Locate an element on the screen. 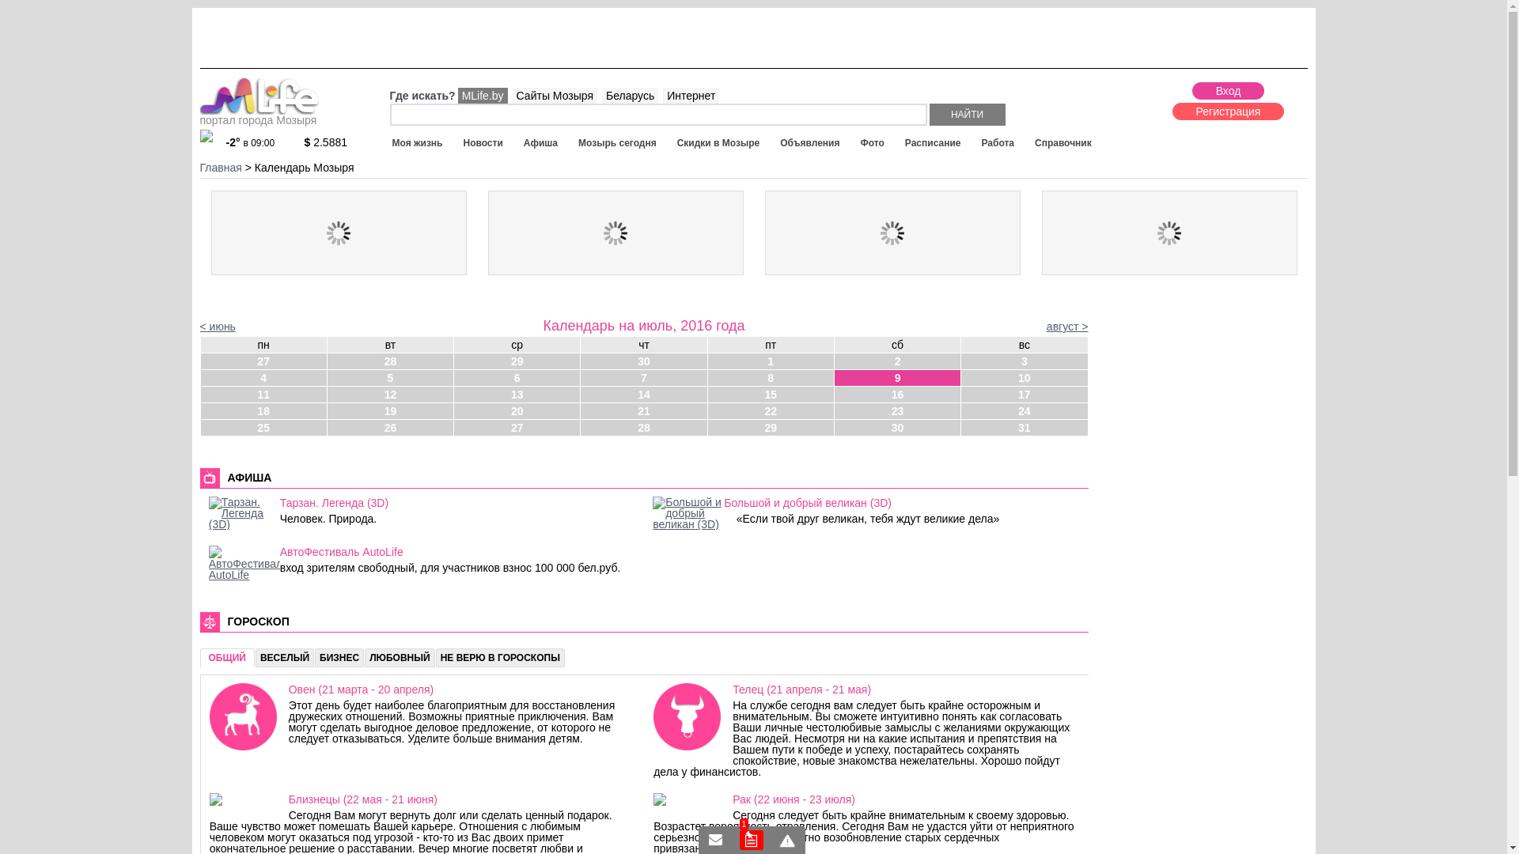 This screenshot has height=854, width=1519. '4' is located at coordinates (200, 378).